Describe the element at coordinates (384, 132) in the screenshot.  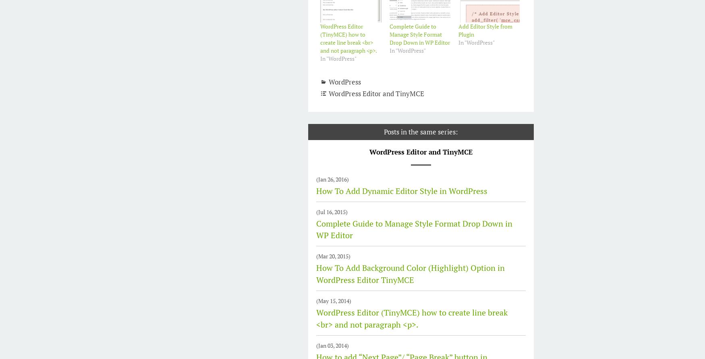
I see `'Posts in the same series:'` at that location.